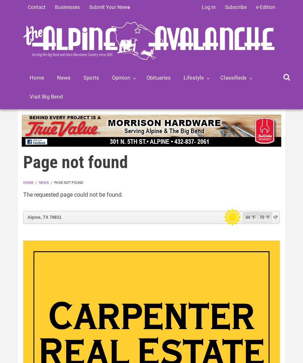  What do you see at coordinates (73, 195) in the screenshot?
I see `'The requested page could not be found.'` at bounding box center [73, 195].